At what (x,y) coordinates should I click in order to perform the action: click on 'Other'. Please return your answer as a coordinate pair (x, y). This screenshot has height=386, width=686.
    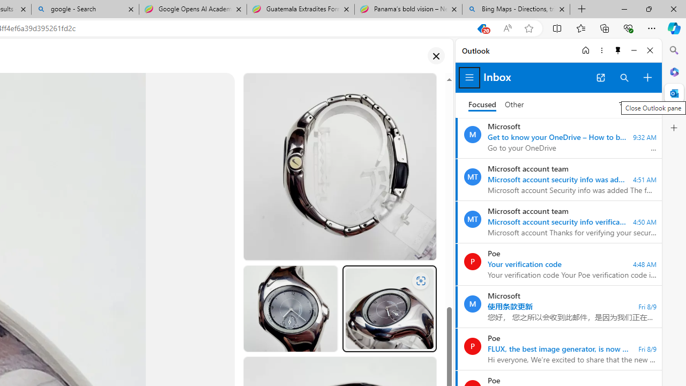
    Looking at the image, I should click on (514, 105).